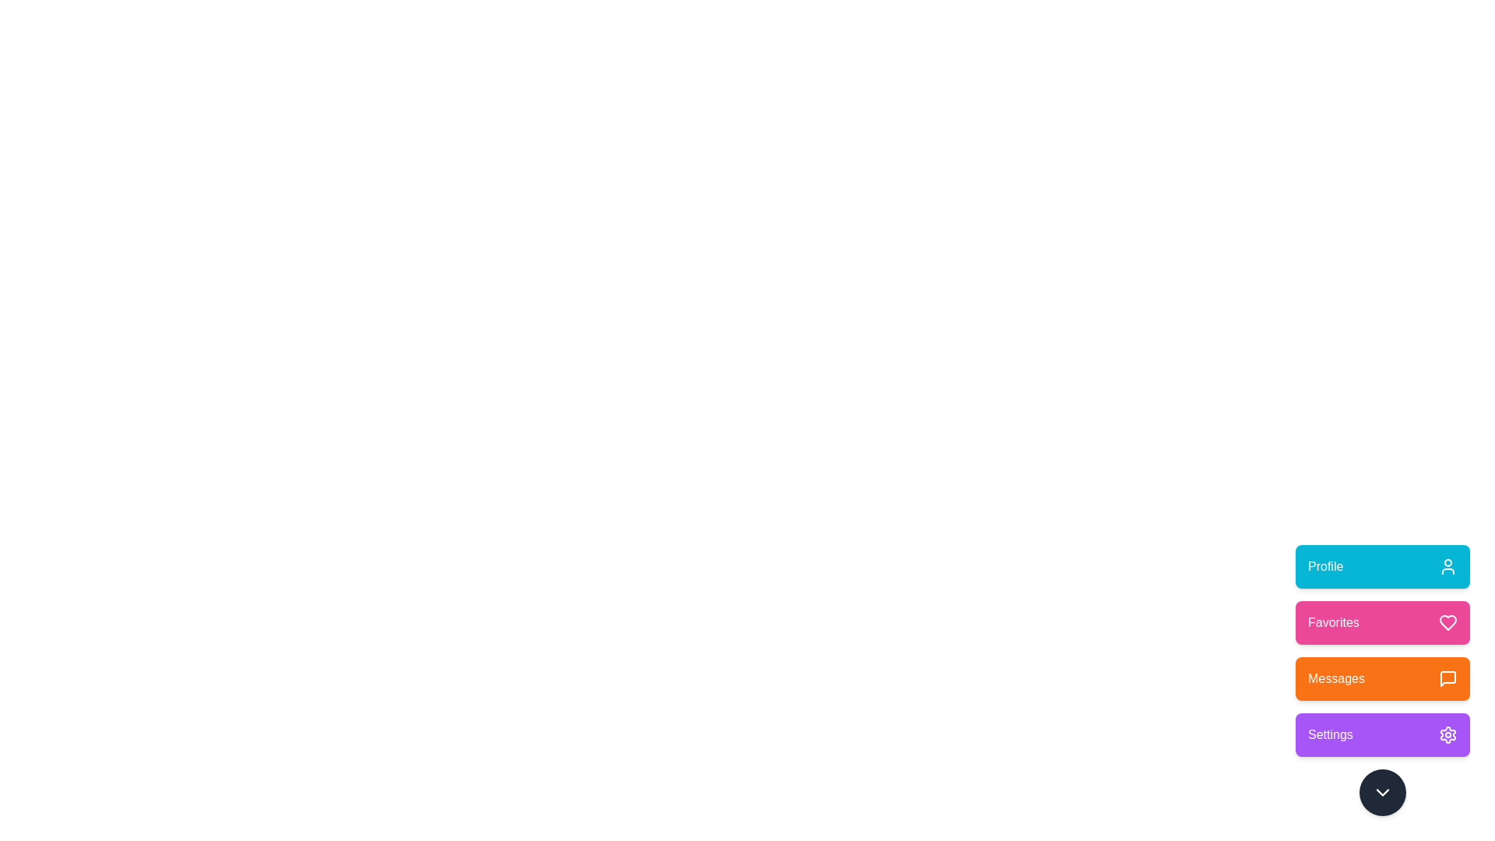 The image size is (1495, 841). What do you see at coordinates (1383, 677) in the screenshot?
I see `the Messages button to observe its hover effect` at bounding box center [1383, 677].